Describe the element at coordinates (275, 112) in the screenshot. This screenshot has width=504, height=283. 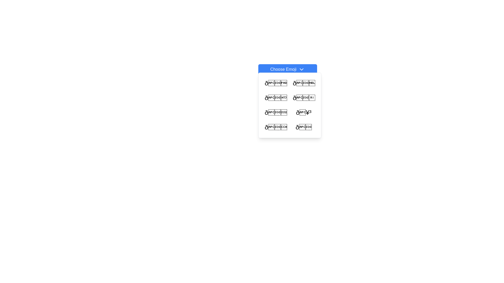
I see `the emoji button with a fun, cool facial expression located in the first column and third row of the grid` at that location.